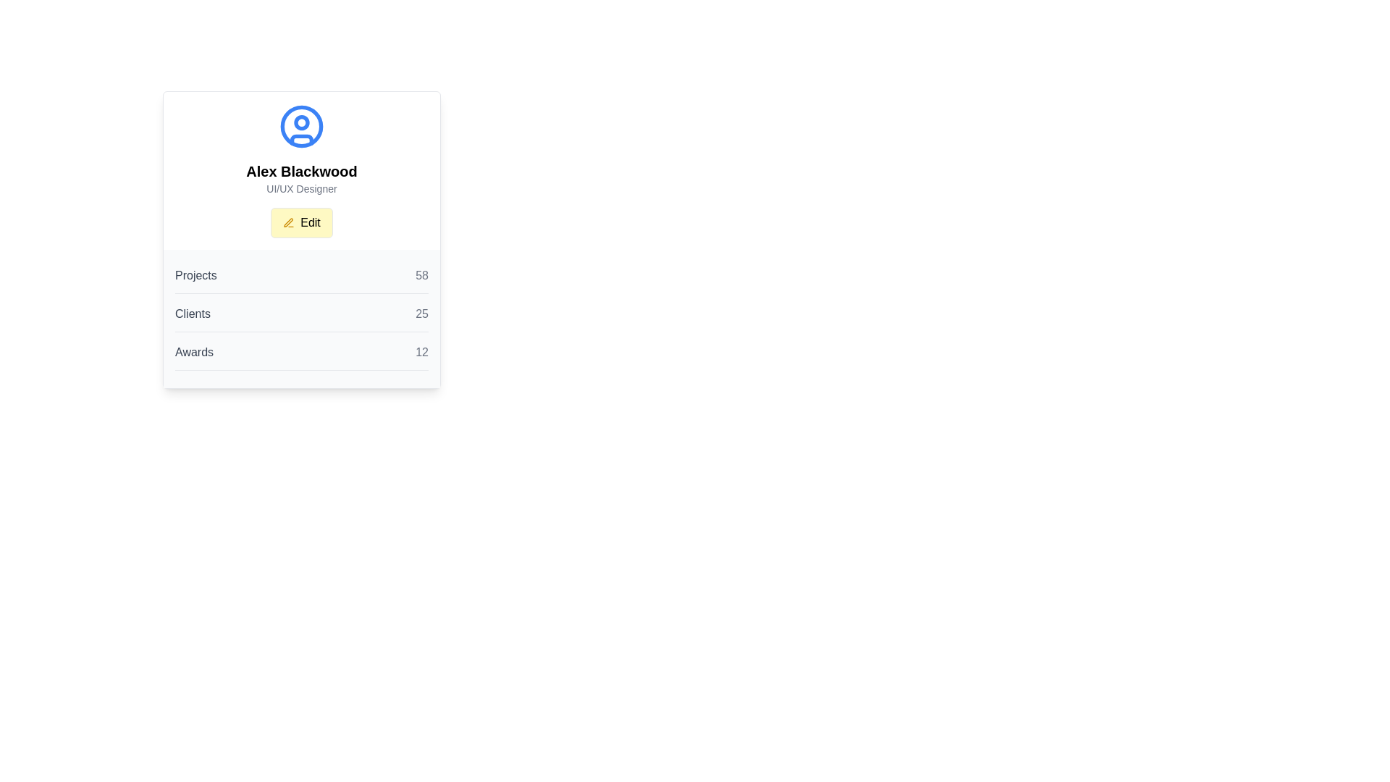 This screenshot has height=782, width=1390. Describe the element at coordinates (301, 280) in the screenshot. I see `the first list item labeled 'Projects' which has a numeric indicator '58' aligned to the right` at that location.